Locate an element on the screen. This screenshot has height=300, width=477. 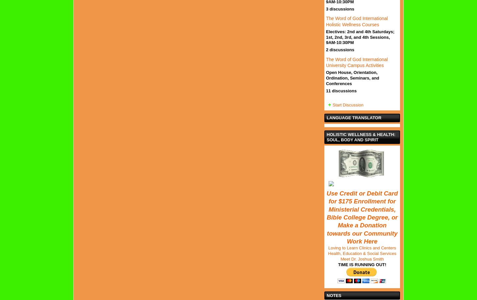
'2 discussions' is located at coordinates (340, 49).